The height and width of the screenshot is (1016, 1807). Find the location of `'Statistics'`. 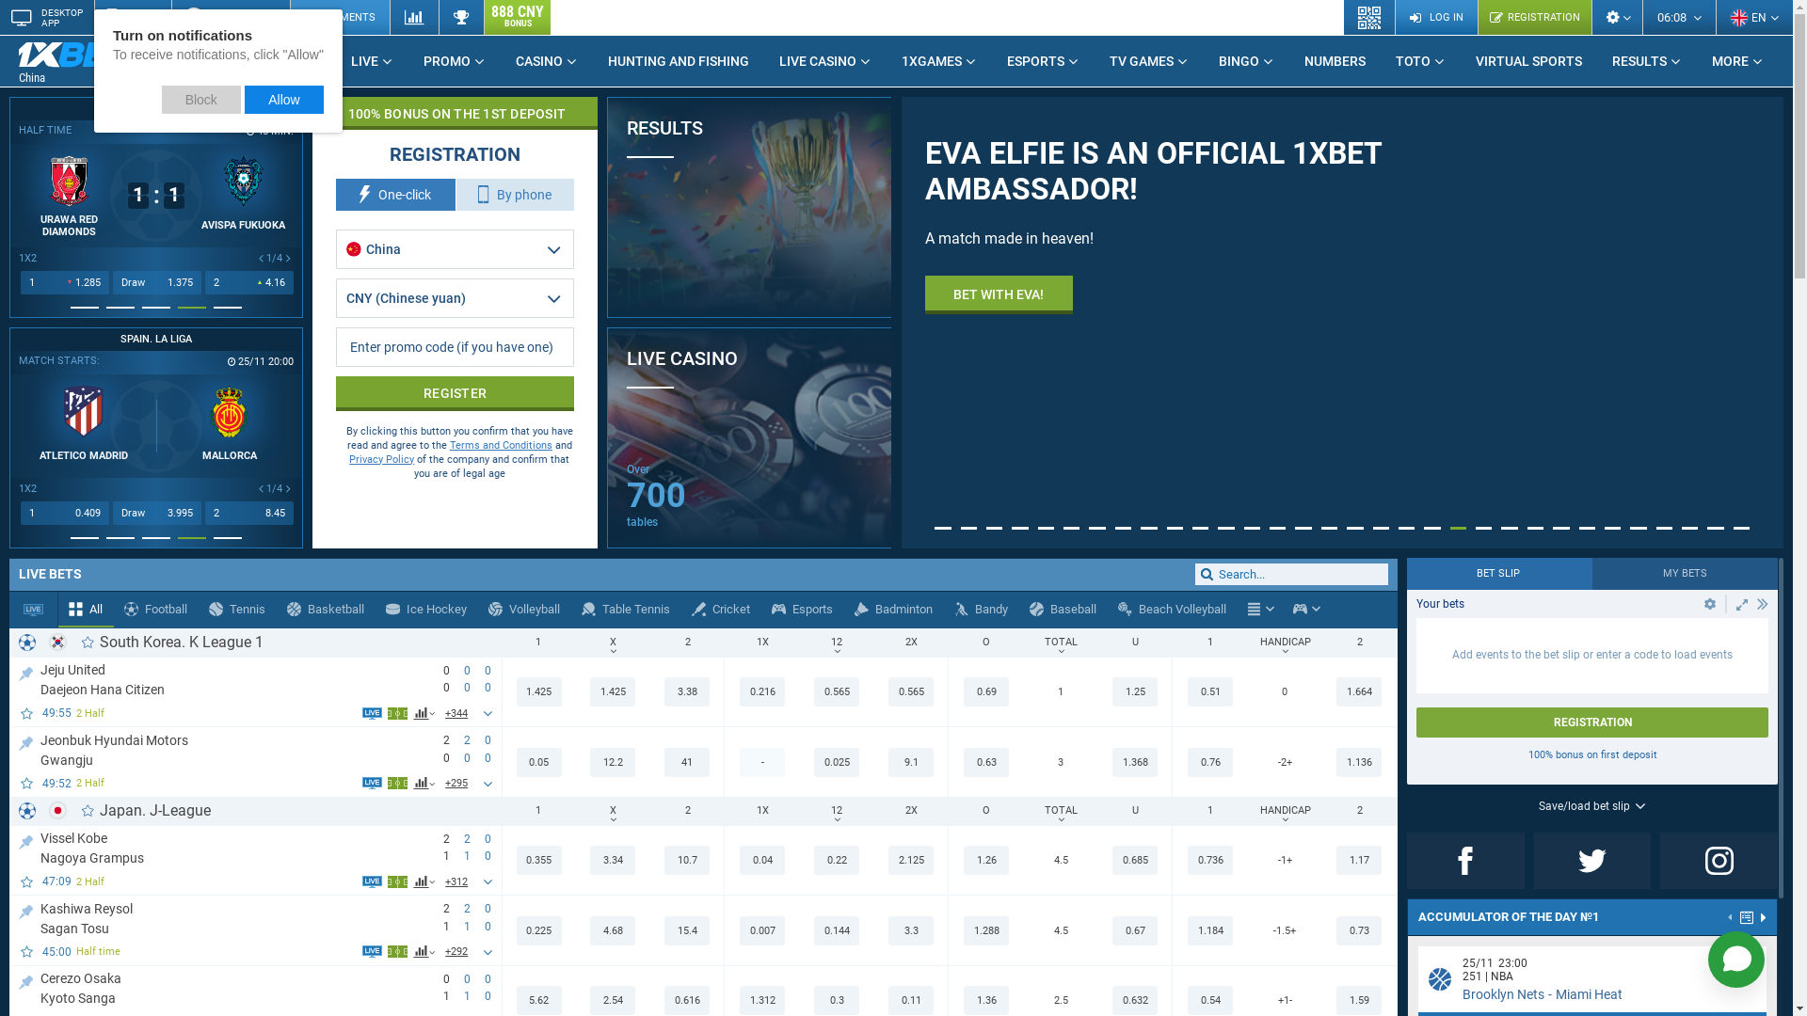

'Statistics' is located at coordinates (413, 17).